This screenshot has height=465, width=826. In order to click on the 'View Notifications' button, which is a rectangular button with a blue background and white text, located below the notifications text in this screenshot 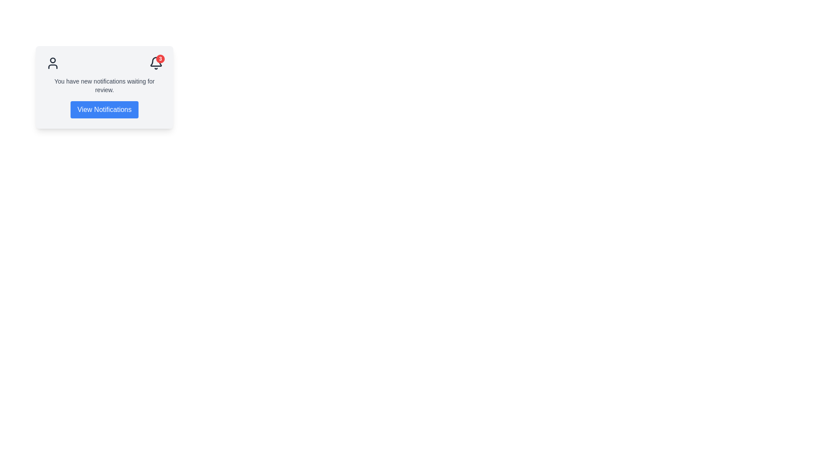, I will do `click(104, 109)`.